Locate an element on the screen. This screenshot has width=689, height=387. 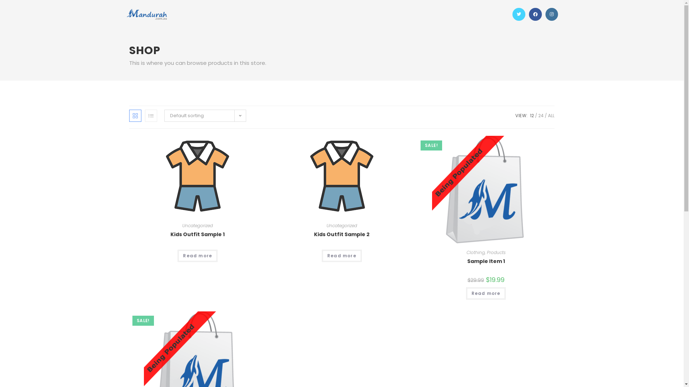
'24' is located at coordinates (541, 115).